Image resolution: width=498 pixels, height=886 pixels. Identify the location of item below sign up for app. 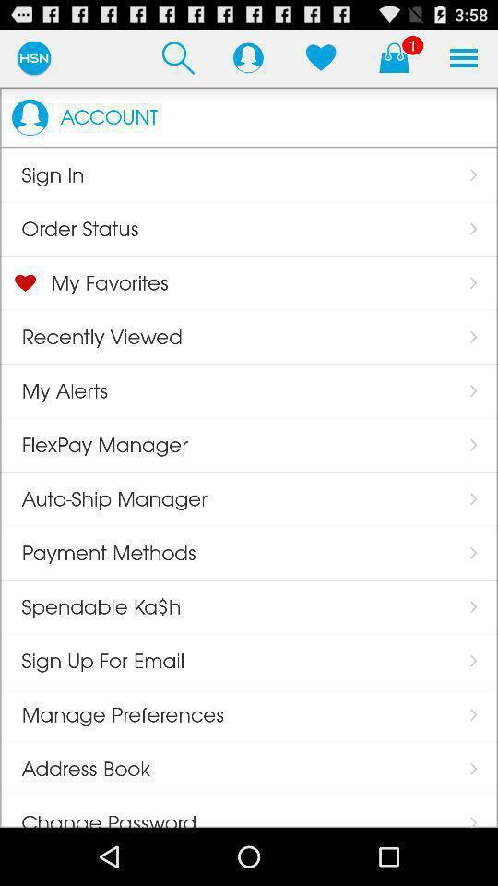
(112, 713).